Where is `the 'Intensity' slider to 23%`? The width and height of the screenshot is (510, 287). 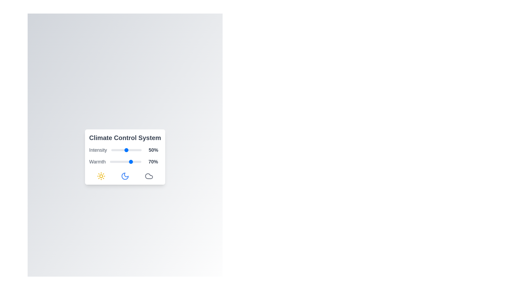 the 'Intensity' slider to 23% is located at coordinates (118, 150).